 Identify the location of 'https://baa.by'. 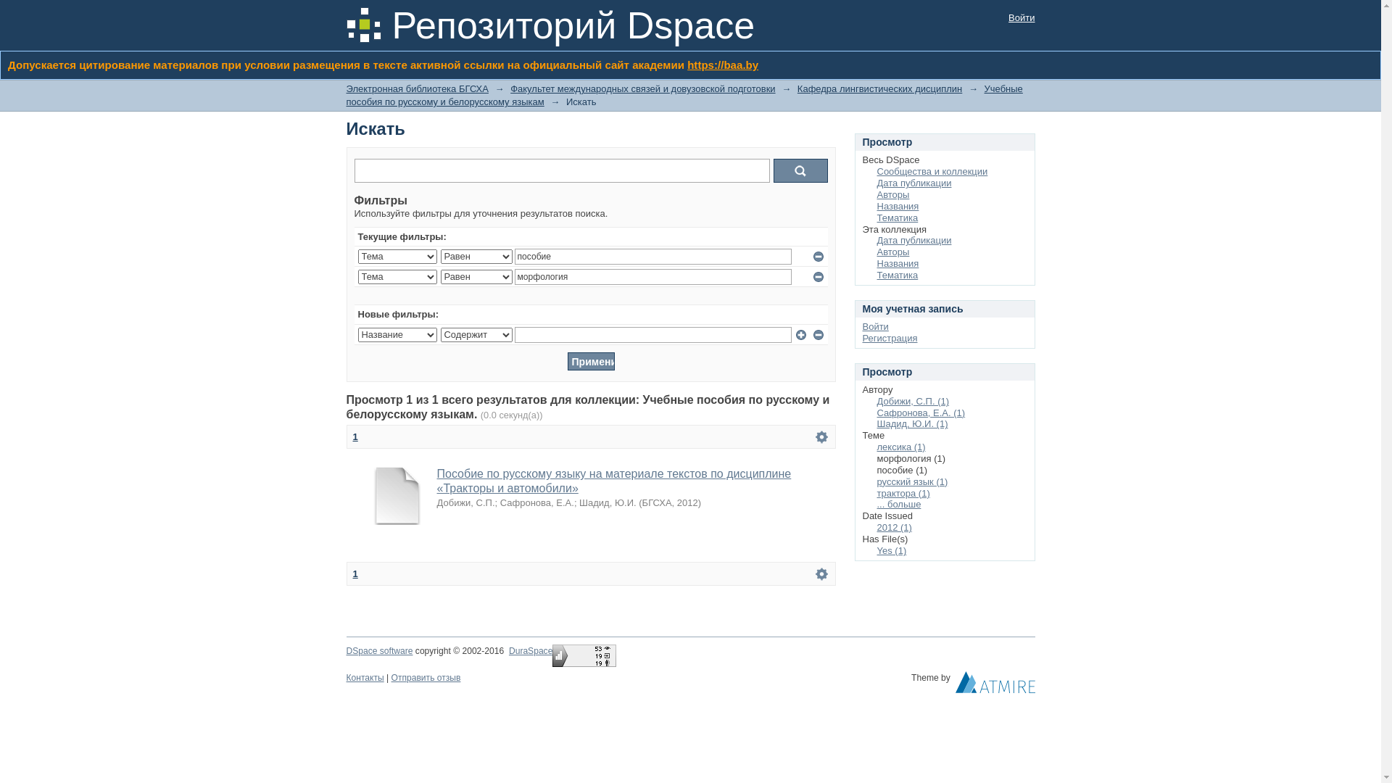
(723, 64).